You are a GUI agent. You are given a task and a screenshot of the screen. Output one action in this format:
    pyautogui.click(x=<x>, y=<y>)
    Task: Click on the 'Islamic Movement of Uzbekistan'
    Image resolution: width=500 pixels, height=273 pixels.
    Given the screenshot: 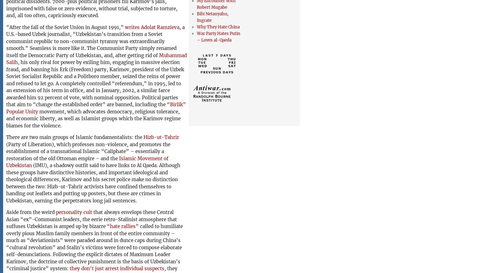 What is the action you would take?
    pyautogui.click(x=87, y=162)
    